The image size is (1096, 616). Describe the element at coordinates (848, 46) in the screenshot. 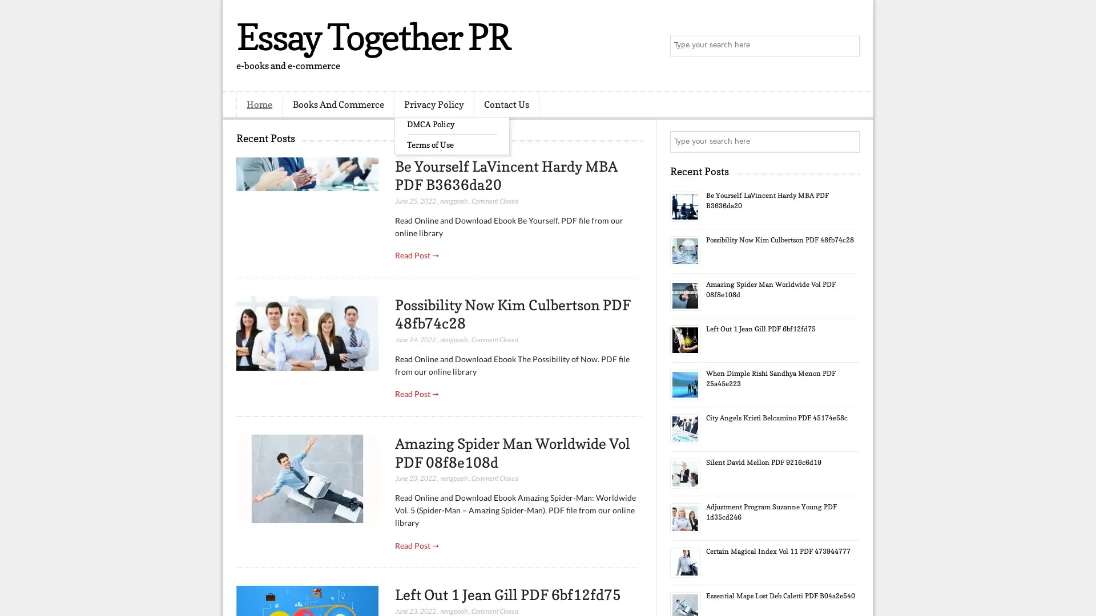

I see `Search` at that location.